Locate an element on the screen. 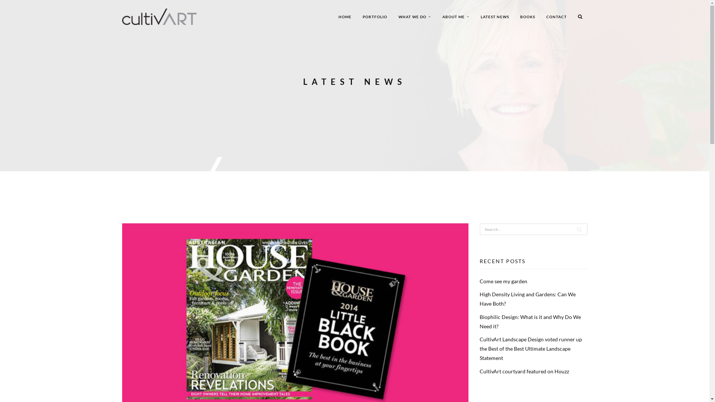 This screenshot has width=715, height=402. 'CONTACT' is located at coordinates (540, 17).